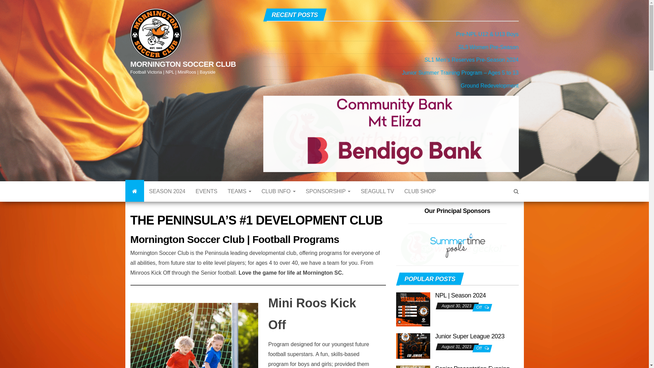 The width and height of the screenshot is (654, 368). Describe the element at coordinates (456, 34) in the screenshot. I see `'Pre-NPL U12 & U13 Boys'` at that location.